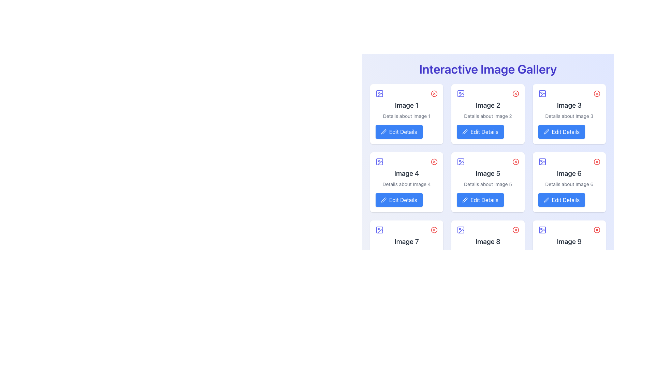  I want to click on the pen icon within the 'Edit Details' button located under 'Image 4', so click(383, 199).